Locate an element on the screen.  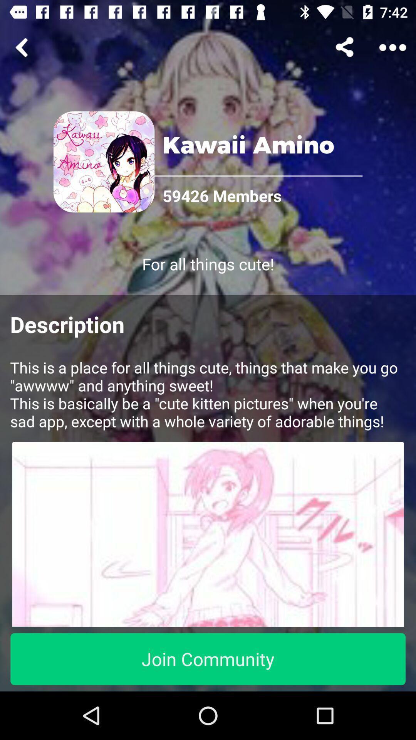
the share icon is located at coordinates (346, 47).